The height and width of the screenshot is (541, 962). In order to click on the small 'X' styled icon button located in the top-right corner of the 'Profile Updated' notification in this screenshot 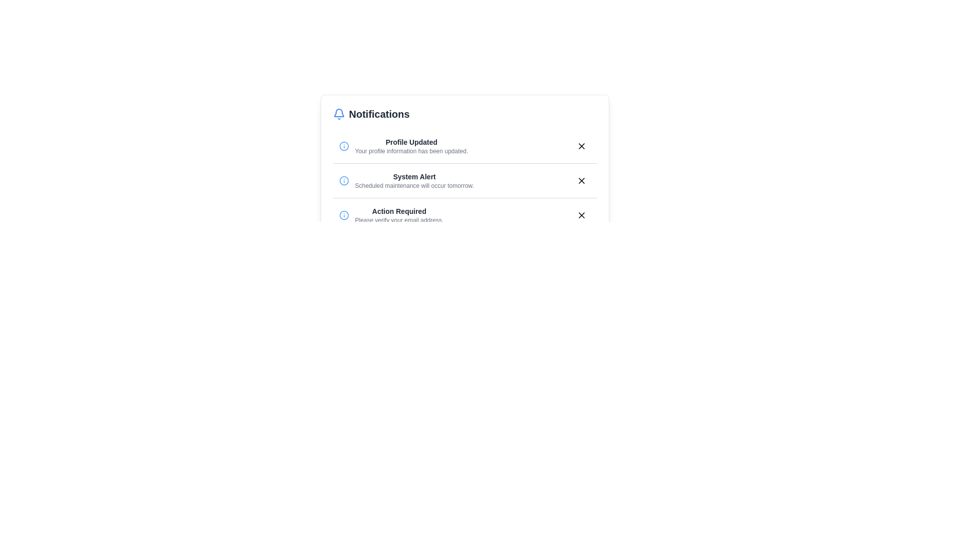, I will do `click(581, 146)`.